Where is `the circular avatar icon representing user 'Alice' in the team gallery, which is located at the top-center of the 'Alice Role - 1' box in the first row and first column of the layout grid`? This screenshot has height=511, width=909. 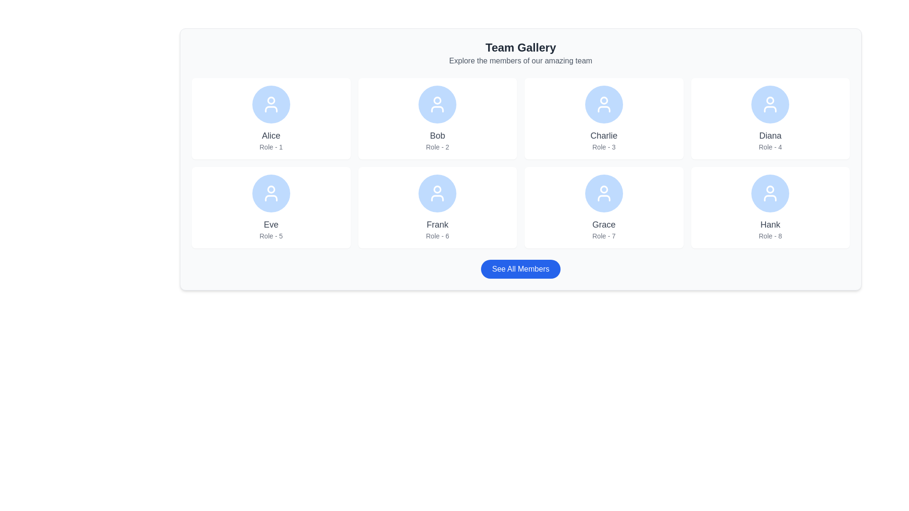 the circular avatar icon representing user 'Alice' in the team gallery, which is located at the top-center of the 'Alice Role - 1' box in the first row and first column of the layout grid is located at coordinates (270, 104).